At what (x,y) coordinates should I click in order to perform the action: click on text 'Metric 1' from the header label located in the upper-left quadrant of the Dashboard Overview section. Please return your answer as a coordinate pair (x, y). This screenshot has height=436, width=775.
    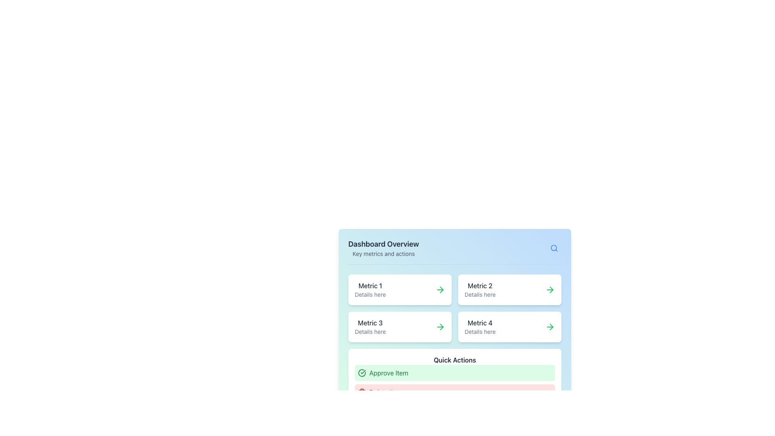
    Looking at the image, I should click on (370, 285).